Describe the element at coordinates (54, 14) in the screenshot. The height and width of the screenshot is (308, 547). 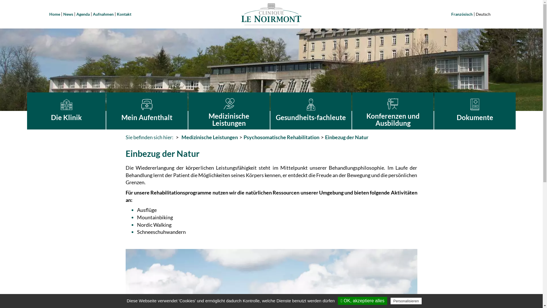
I see `'Home'` at that location.